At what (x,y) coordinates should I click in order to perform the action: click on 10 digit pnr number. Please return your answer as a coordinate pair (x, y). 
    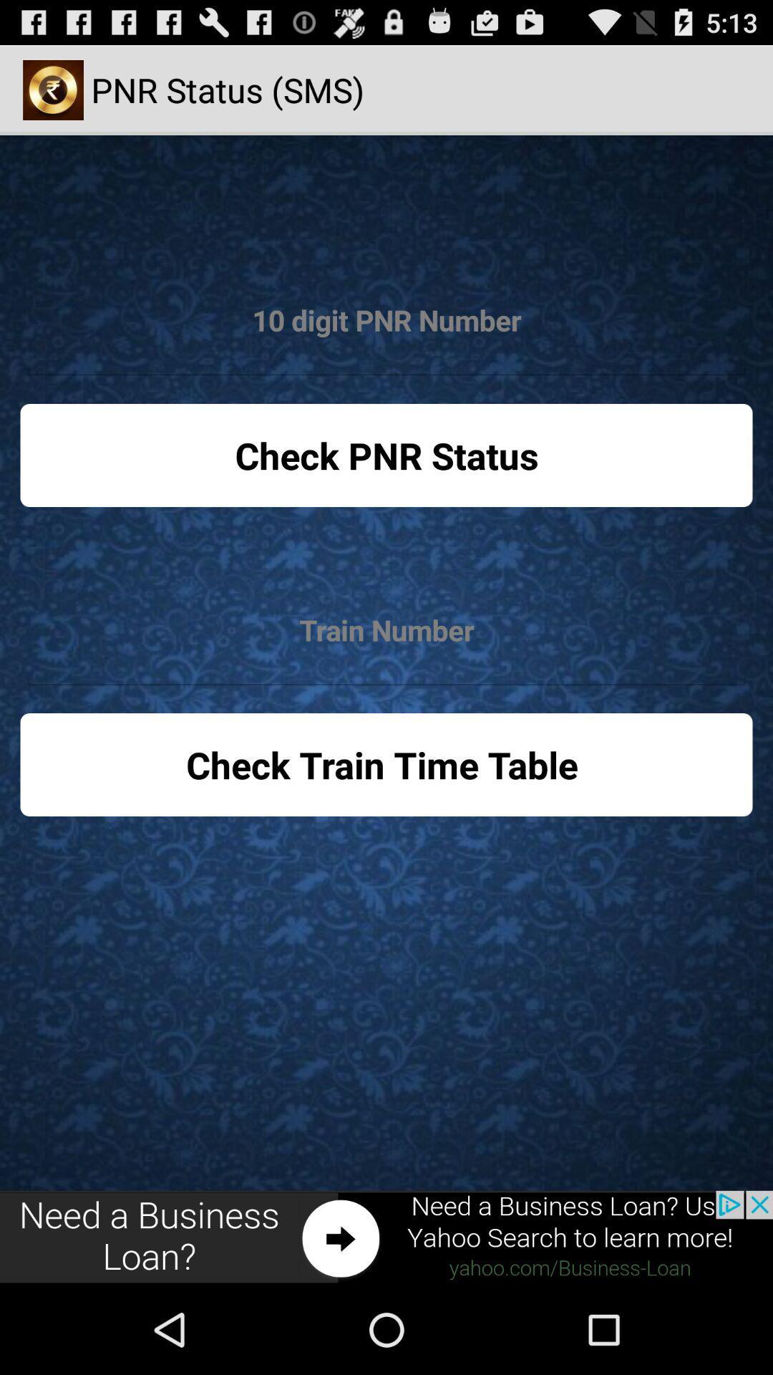
    Looking at the image, I should click on (386, 320).